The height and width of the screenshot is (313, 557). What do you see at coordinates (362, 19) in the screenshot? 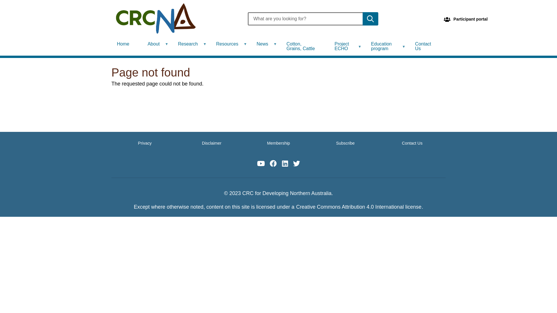
I see `'Search'` at bounding box center [362, 19].